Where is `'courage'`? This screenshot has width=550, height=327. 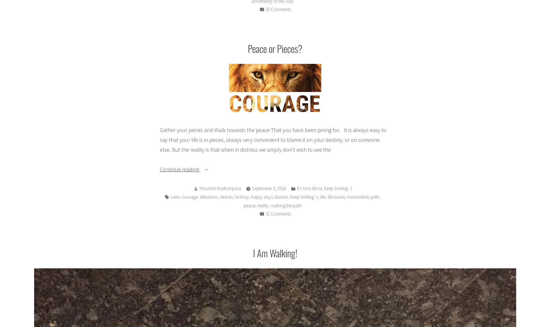 'courage' is located at coordinates (190, 197).